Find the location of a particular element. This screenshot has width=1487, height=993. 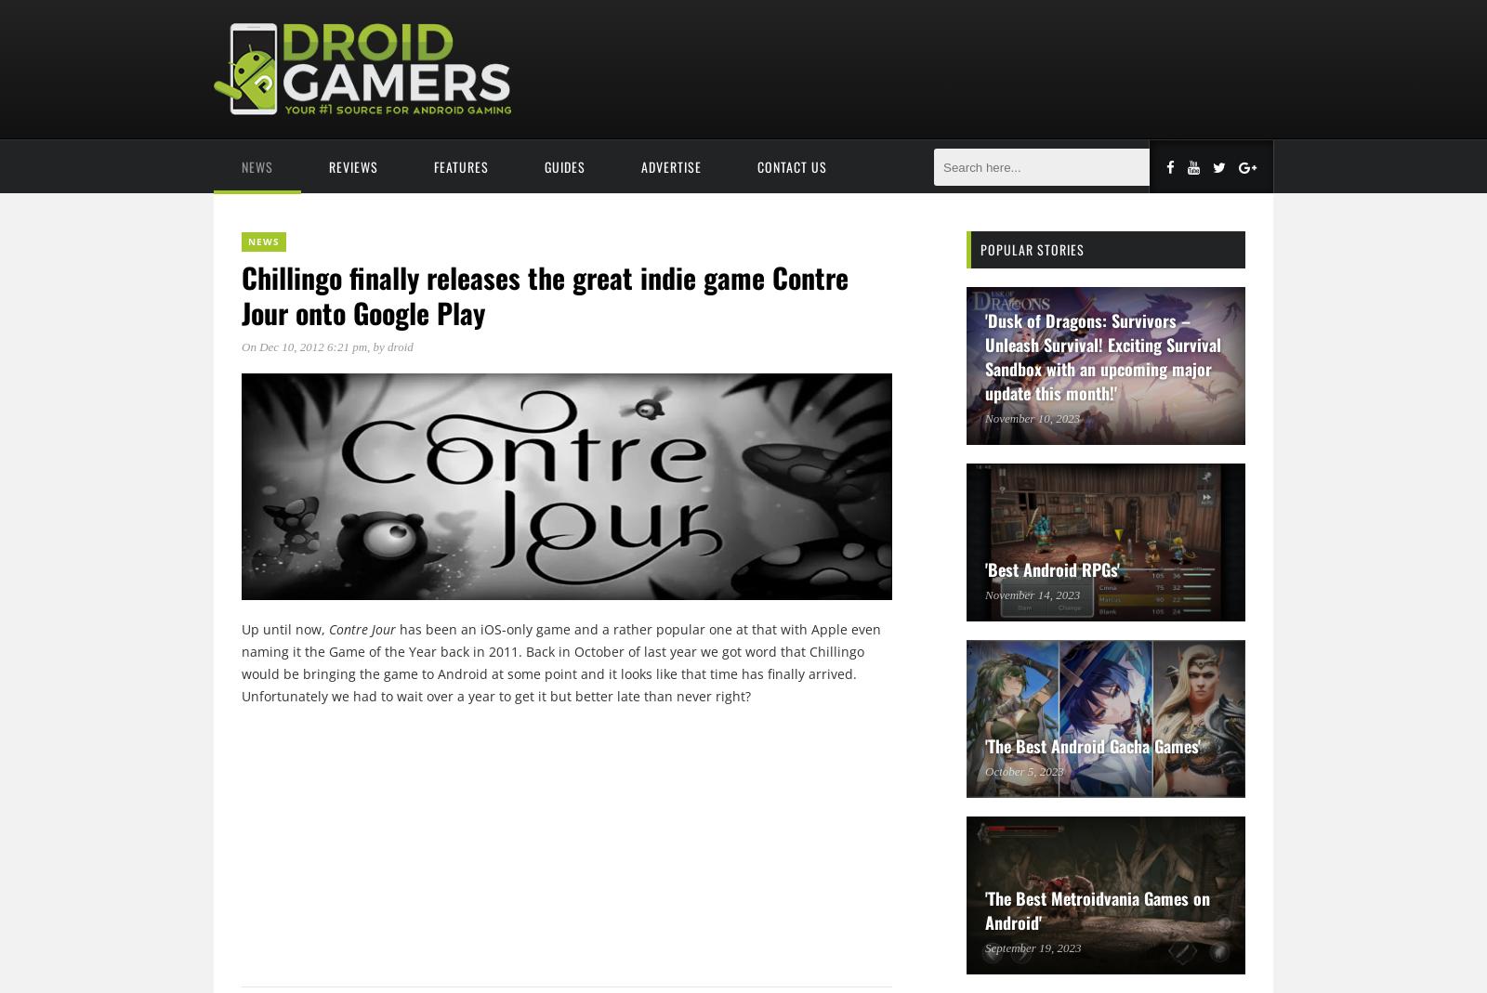

'November 10, 2023' is located at coordinates (985, 417).